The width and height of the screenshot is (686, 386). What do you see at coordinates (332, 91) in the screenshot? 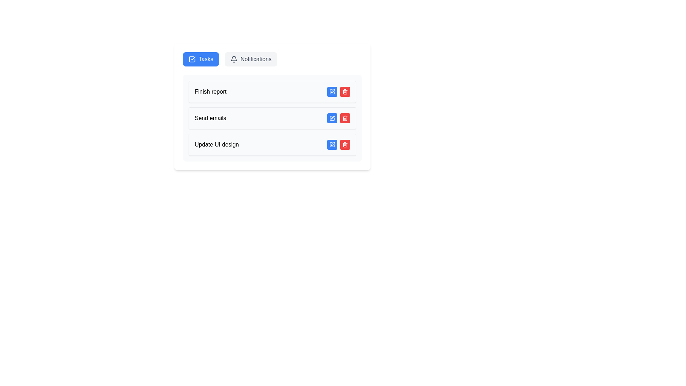
I see `the editing button located next to the red trash icon button in the first row of the tasks list` at bounding box center [332, 91].